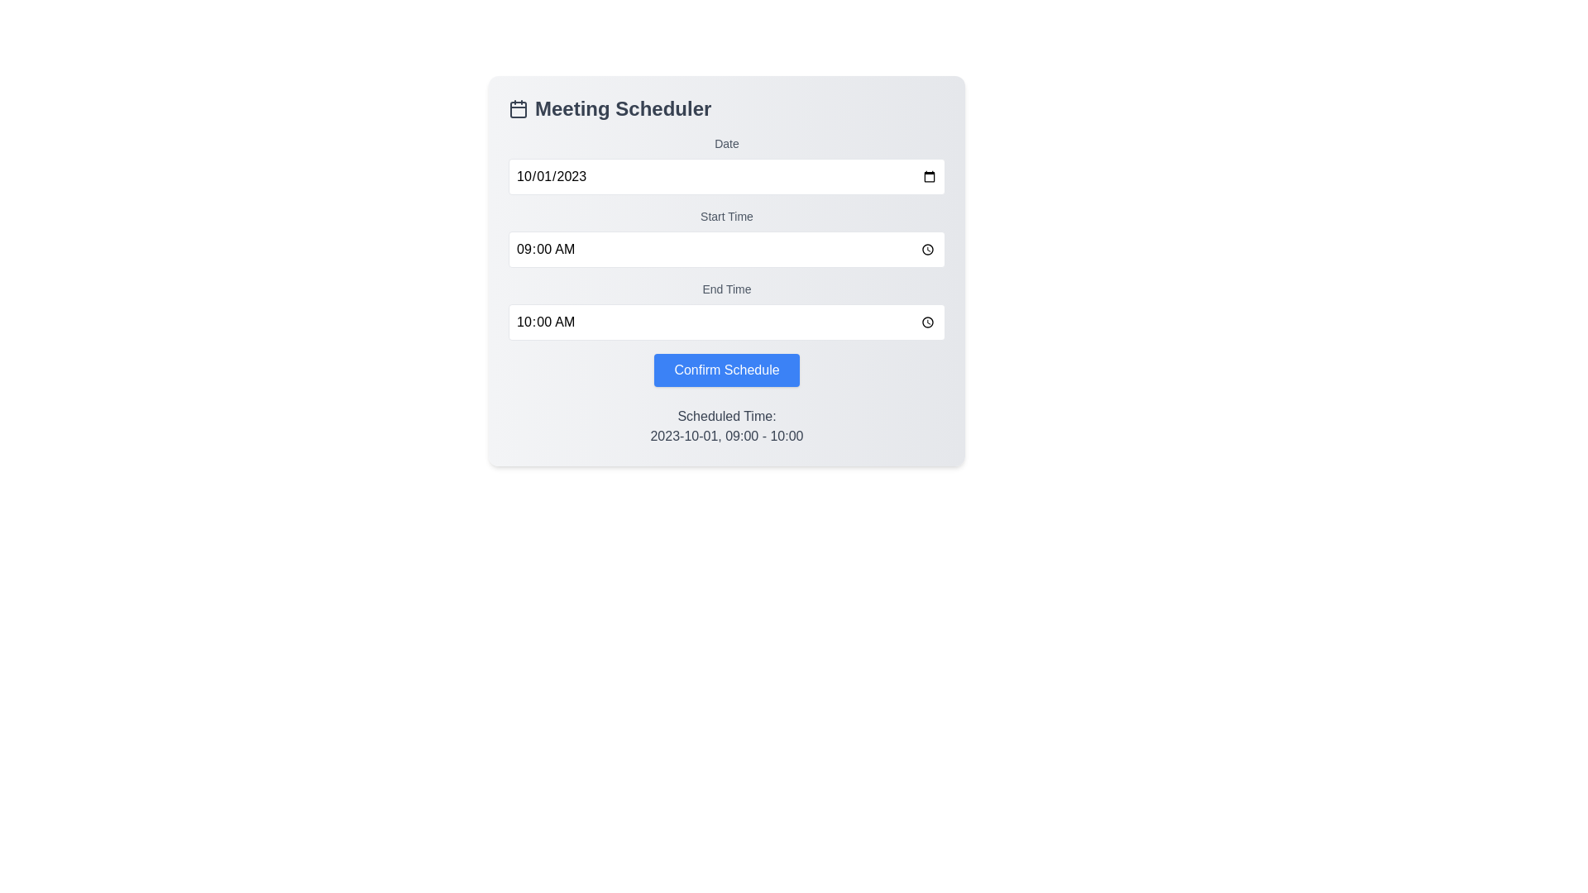  Describe the element at coordinates (726, 216) in the screenshot. I see `the static text label that indicates the purpose of the input element for selecting the start time, located directly below the date input field and above the '09:00 AM' time input field` at that location.